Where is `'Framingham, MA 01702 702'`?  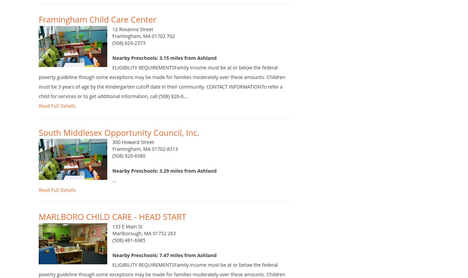
'Framingham, MA 01702 702' is located at coordinates (112, 46).